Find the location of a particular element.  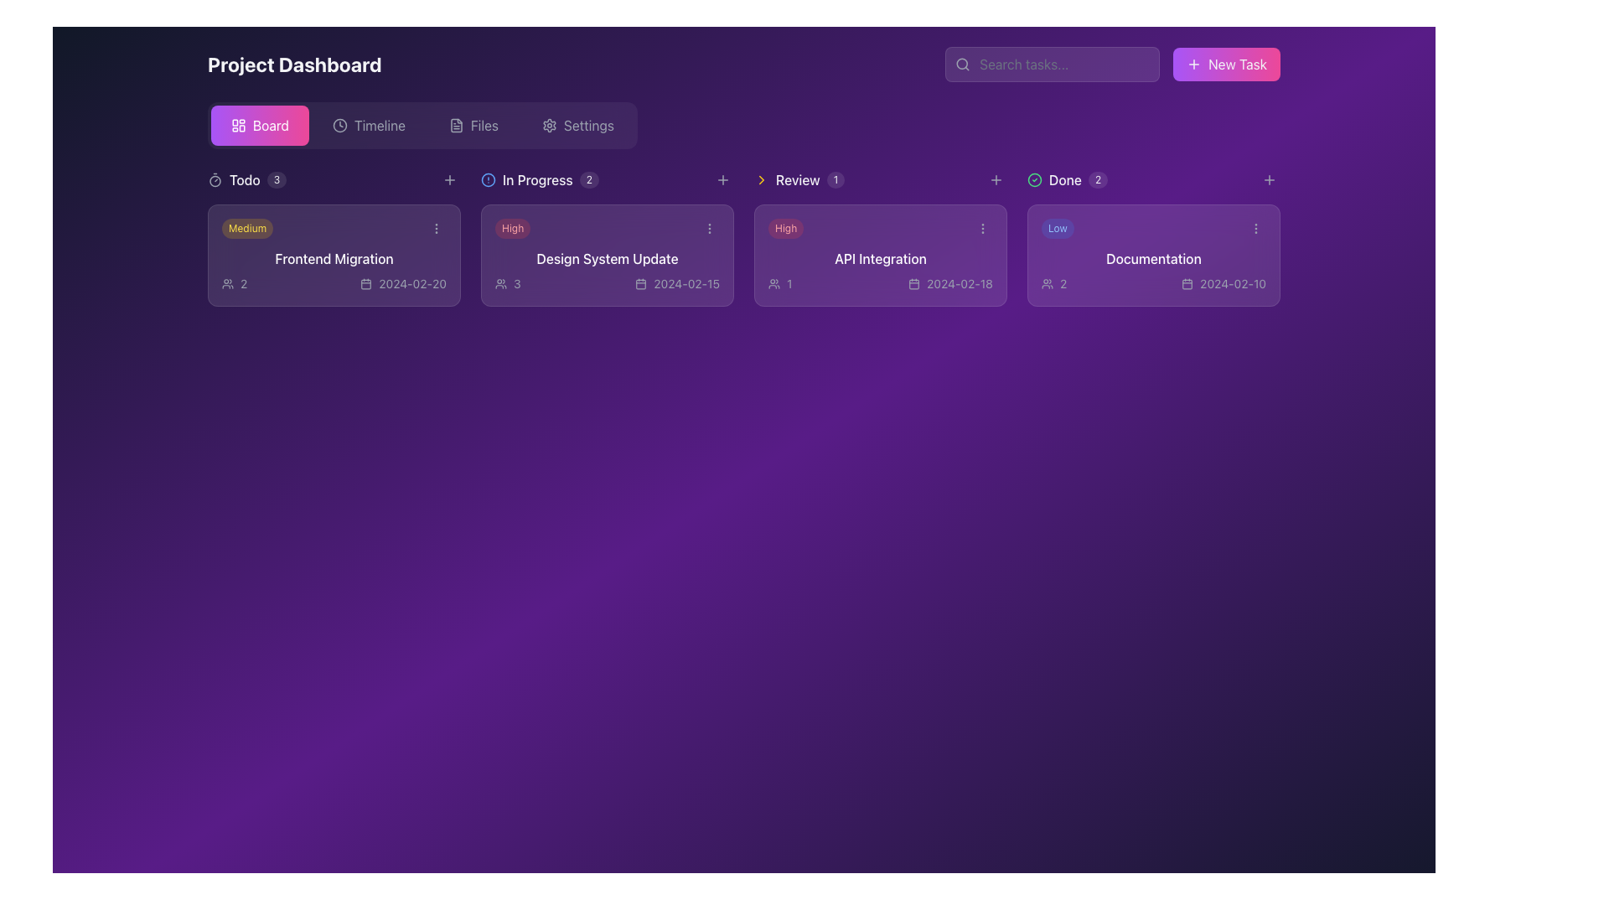

the 'New Task' icon, which is located to the left side of the text within the 'New Task' button at the top-right corner of the interface is located at coordinates (1193, 64).